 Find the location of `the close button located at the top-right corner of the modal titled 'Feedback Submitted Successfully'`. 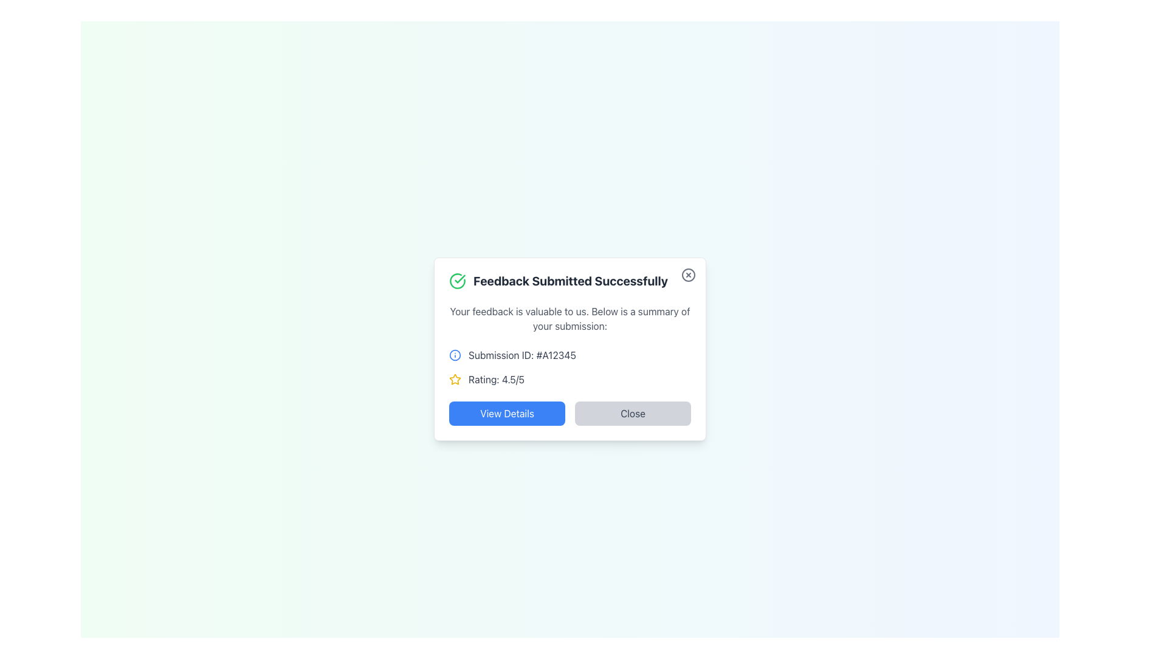

the close button located at the top-right corner of the modal titled 'Feedback Submitted Successfully' is located at coordinates (688, 275).